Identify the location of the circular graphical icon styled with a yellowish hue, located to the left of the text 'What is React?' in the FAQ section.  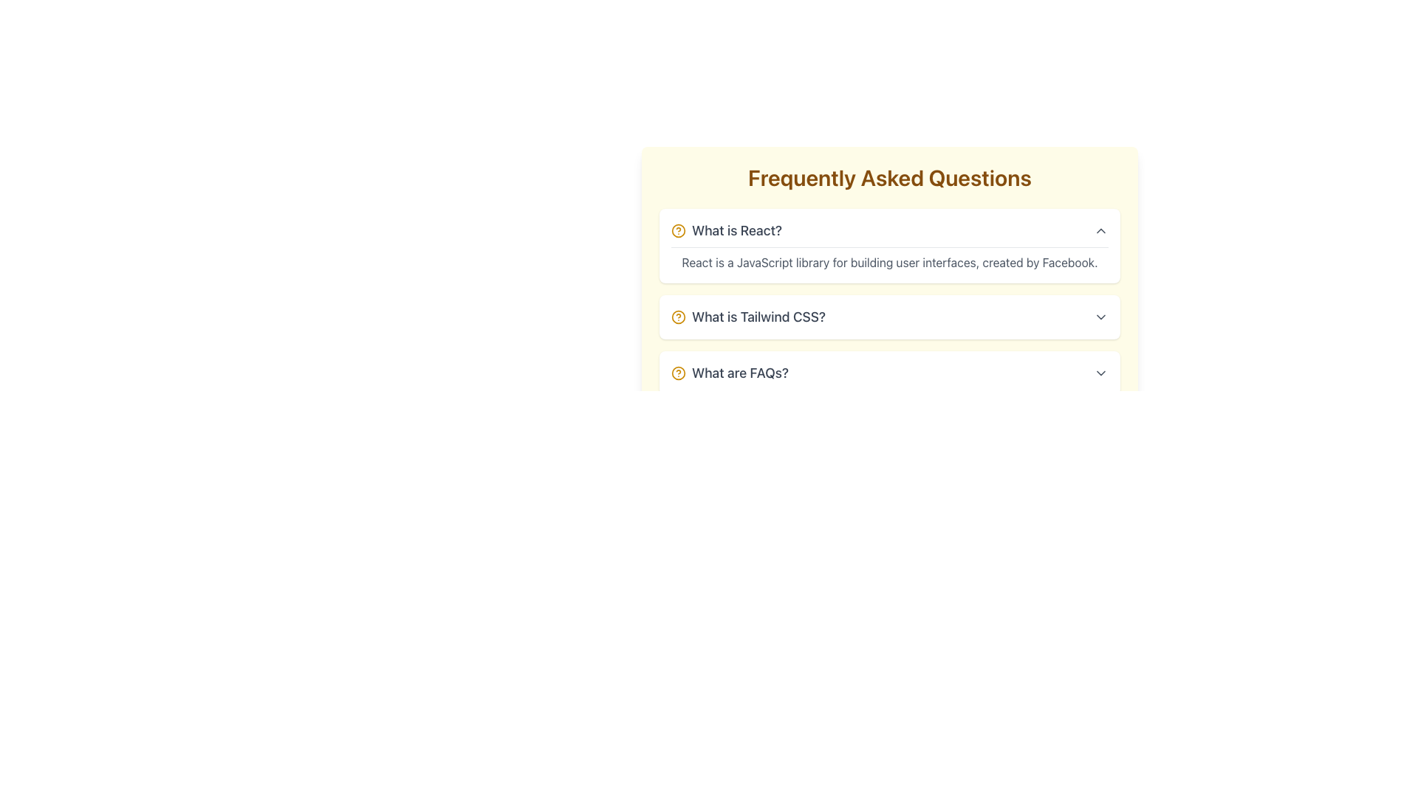
(677, 230).